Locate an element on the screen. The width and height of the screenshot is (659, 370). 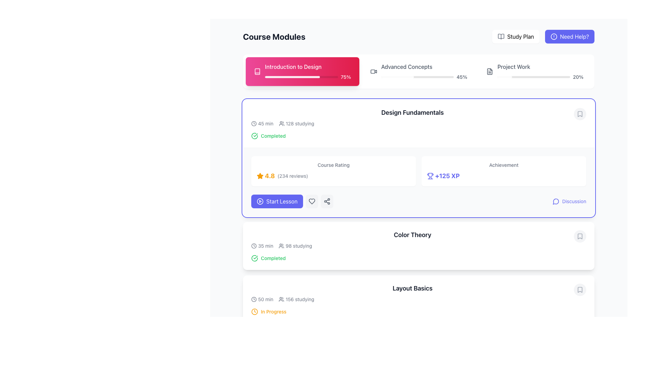
the star icon representing the rating mechanism located on the leftmost side of the horizontal layout, which indicates a rating of '4.8' and includes '(234 reviews)' is located at coordinates (260, 175).